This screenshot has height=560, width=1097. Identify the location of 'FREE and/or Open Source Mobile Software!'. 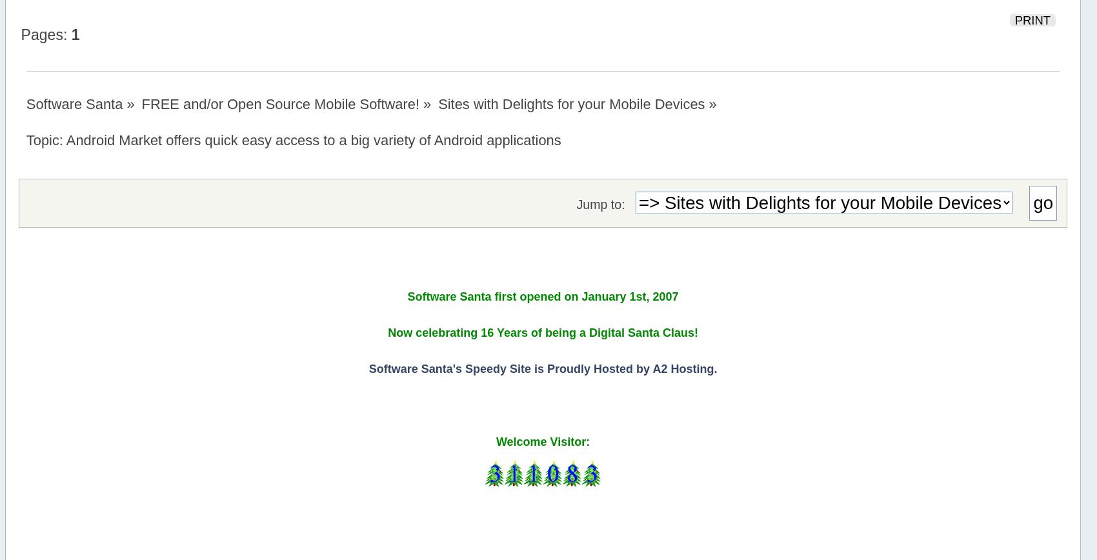
(280, 104).